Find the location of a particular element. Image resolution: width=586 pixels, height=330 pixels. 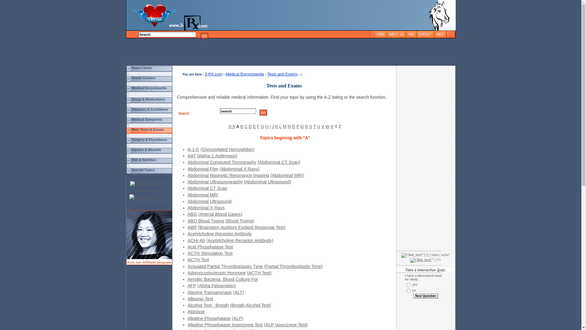

'Aldolase' is located at coordinates (196, 311).